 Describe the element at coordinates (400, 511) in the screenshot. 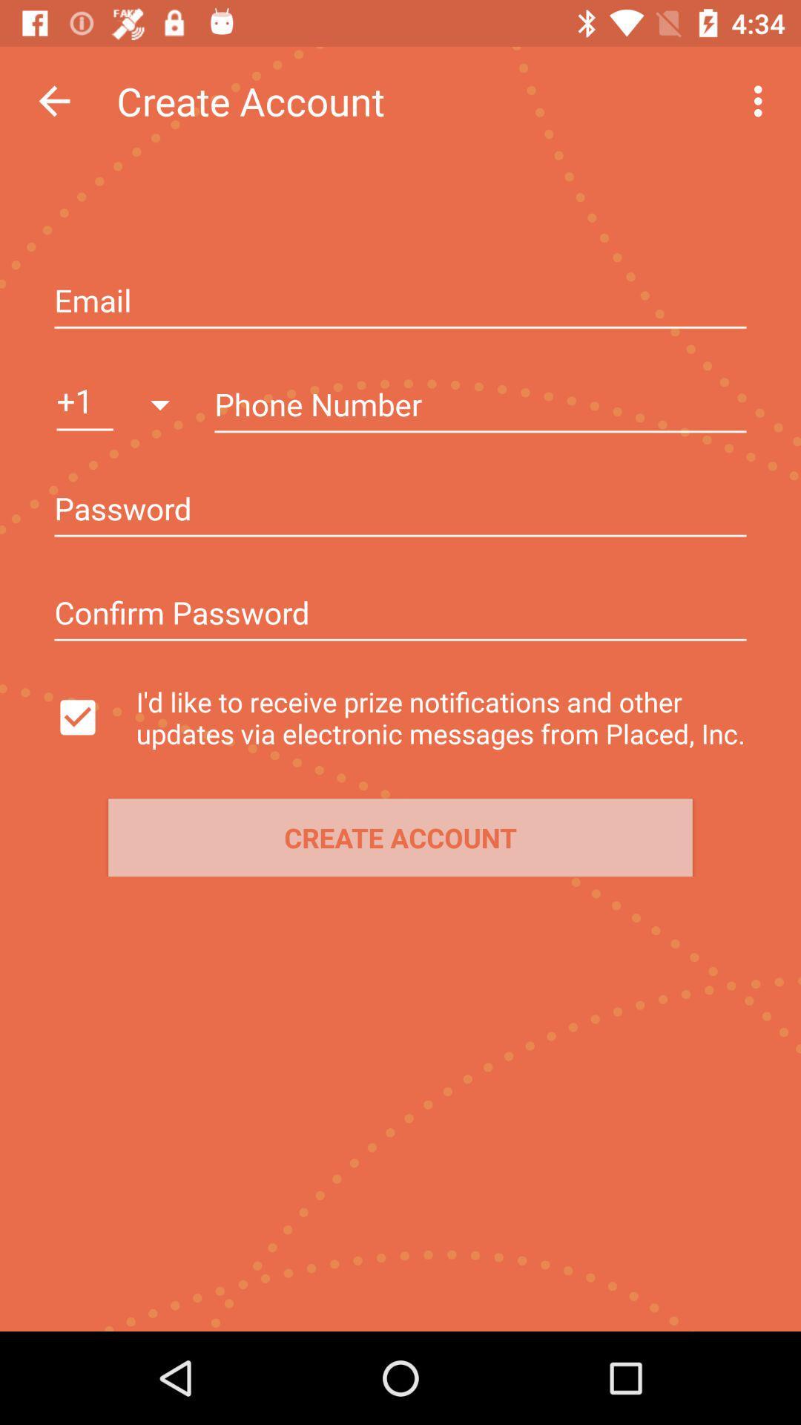

I see `insert the password` at that location.